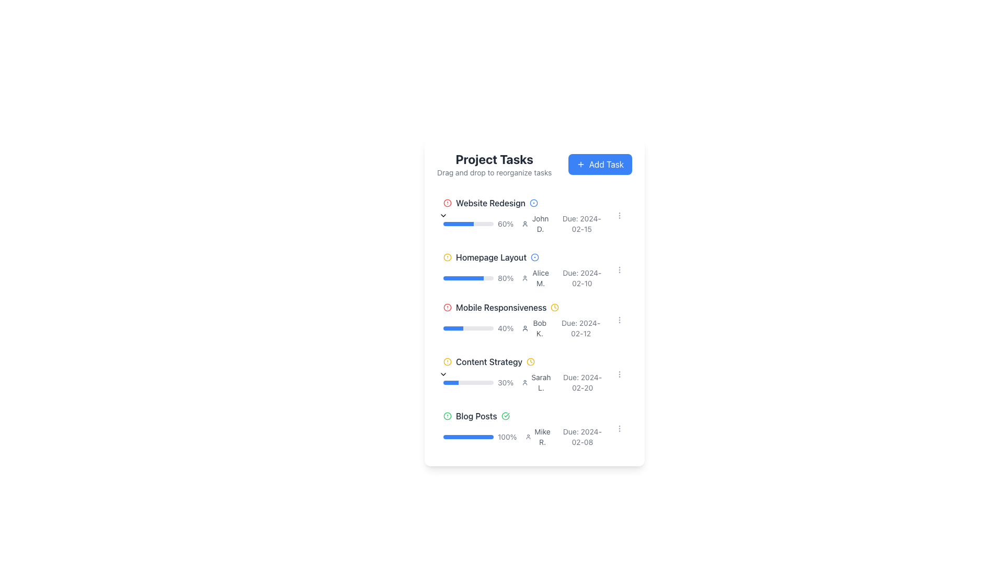  I want to click on the horizontal progress bar that visually represents the completion percentage of the 'Content Strategy' task, located in the 'Content Strategy' row, following the task title and preceding the percentage label ('30%'), so click(468, 382).